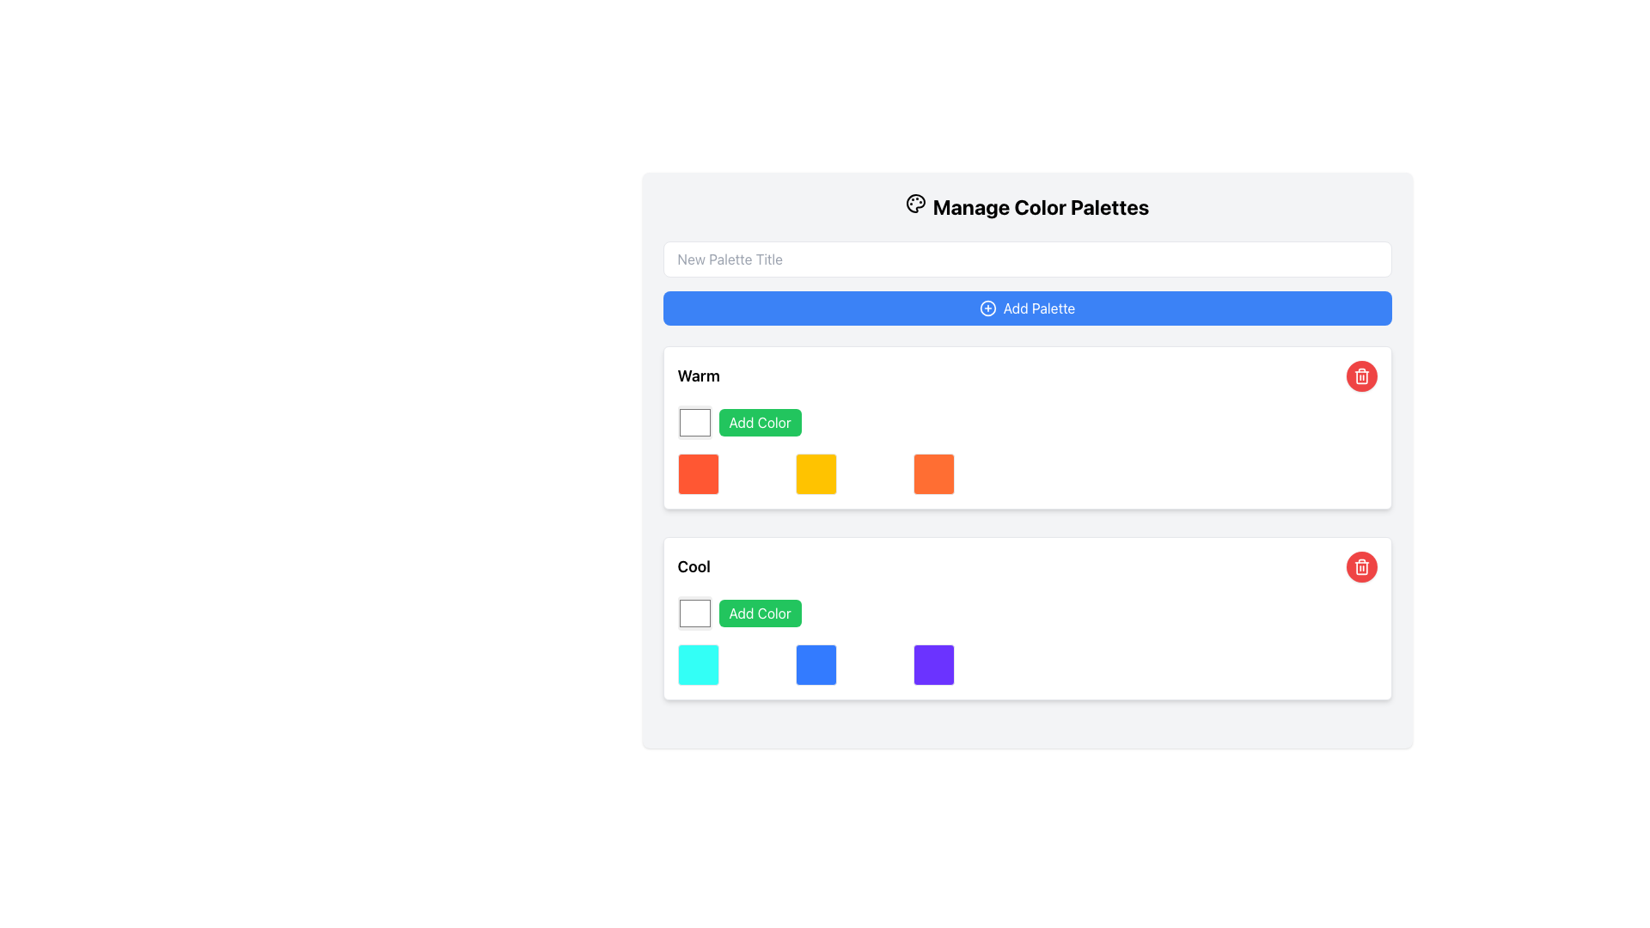  I want to click on the Color Swatch with a blue background (#337BFF) that is the second square in a row of three squares in the 'Cool' section, so click(815, 664).